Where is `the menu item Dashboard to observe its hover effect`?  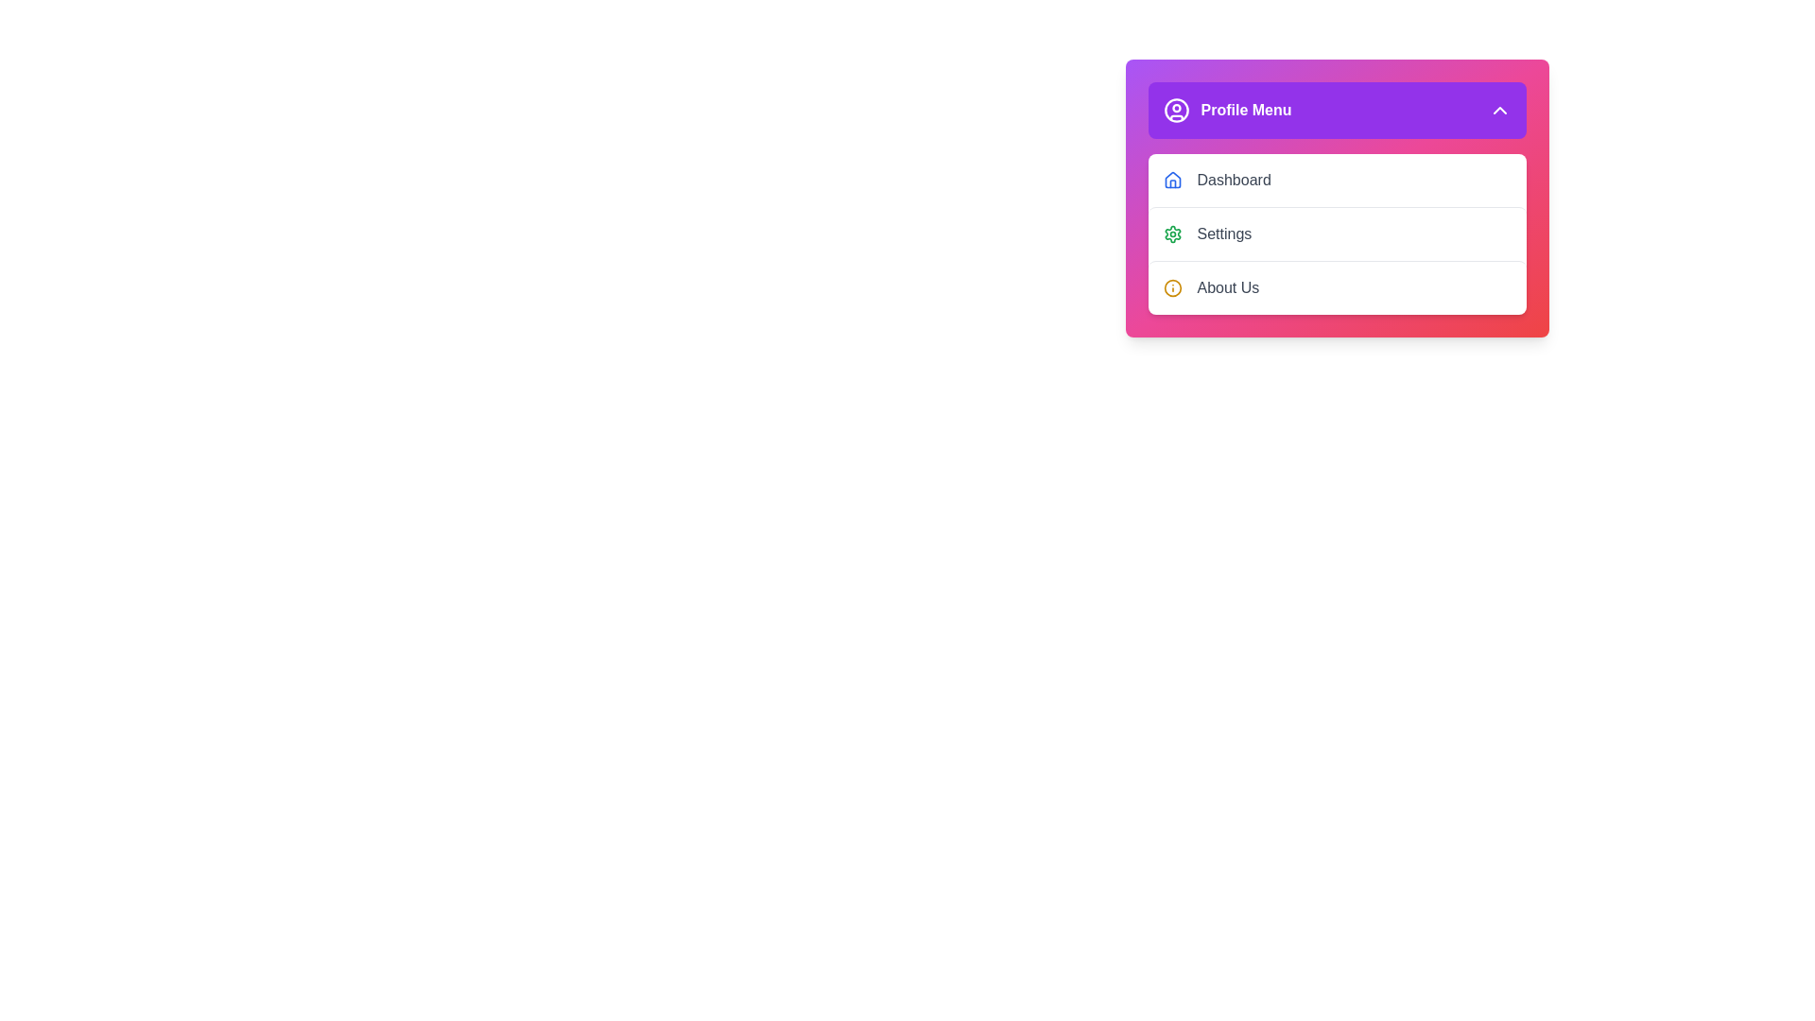
the menu item Dashboard to observe its hover effect is located at coordinates (1336, 181).